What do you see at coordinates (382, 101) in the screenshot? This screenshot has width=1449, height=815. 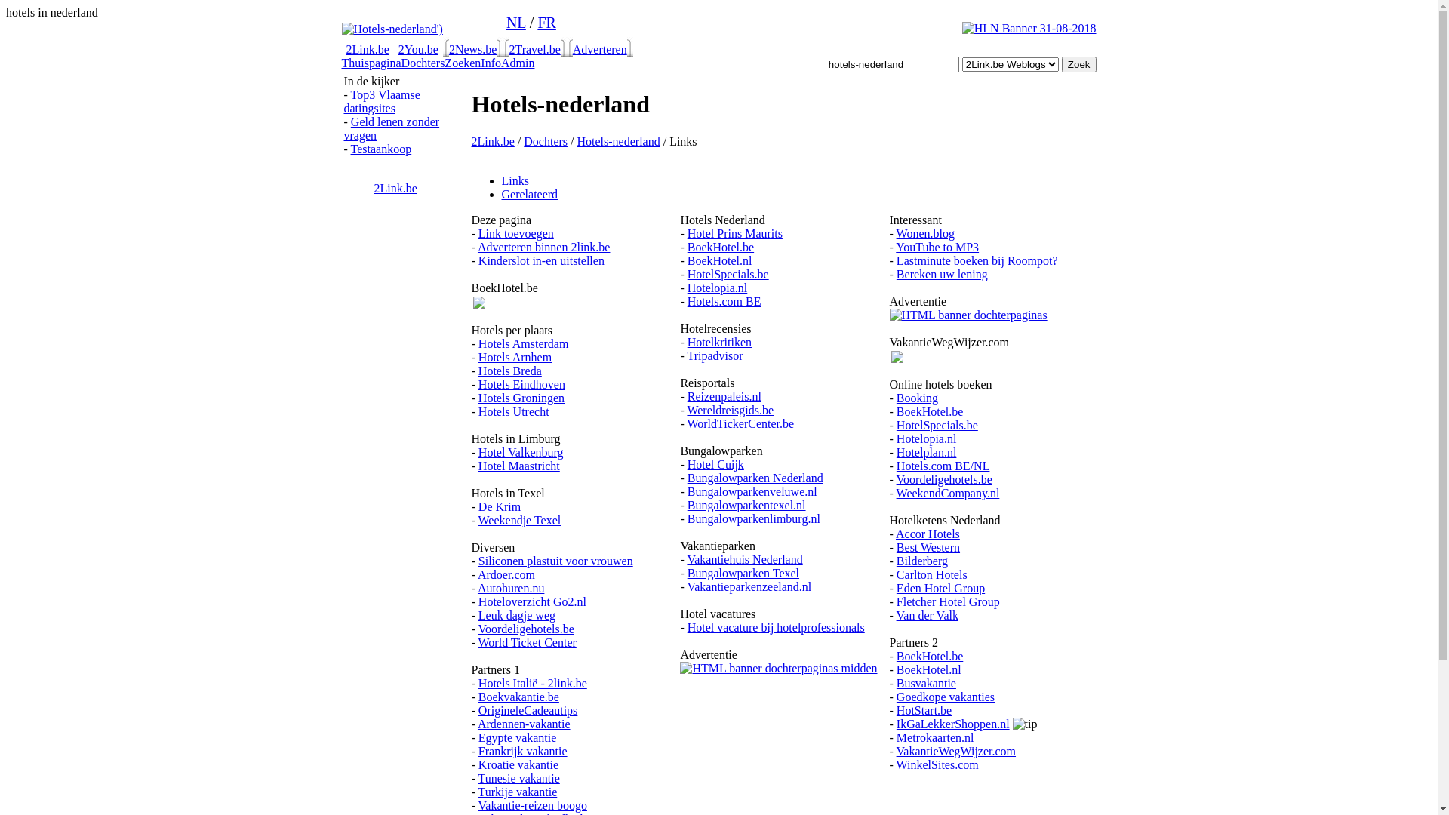 I see `'Top3 Vlaamse datingsites'` at bounding box center [382, 101].